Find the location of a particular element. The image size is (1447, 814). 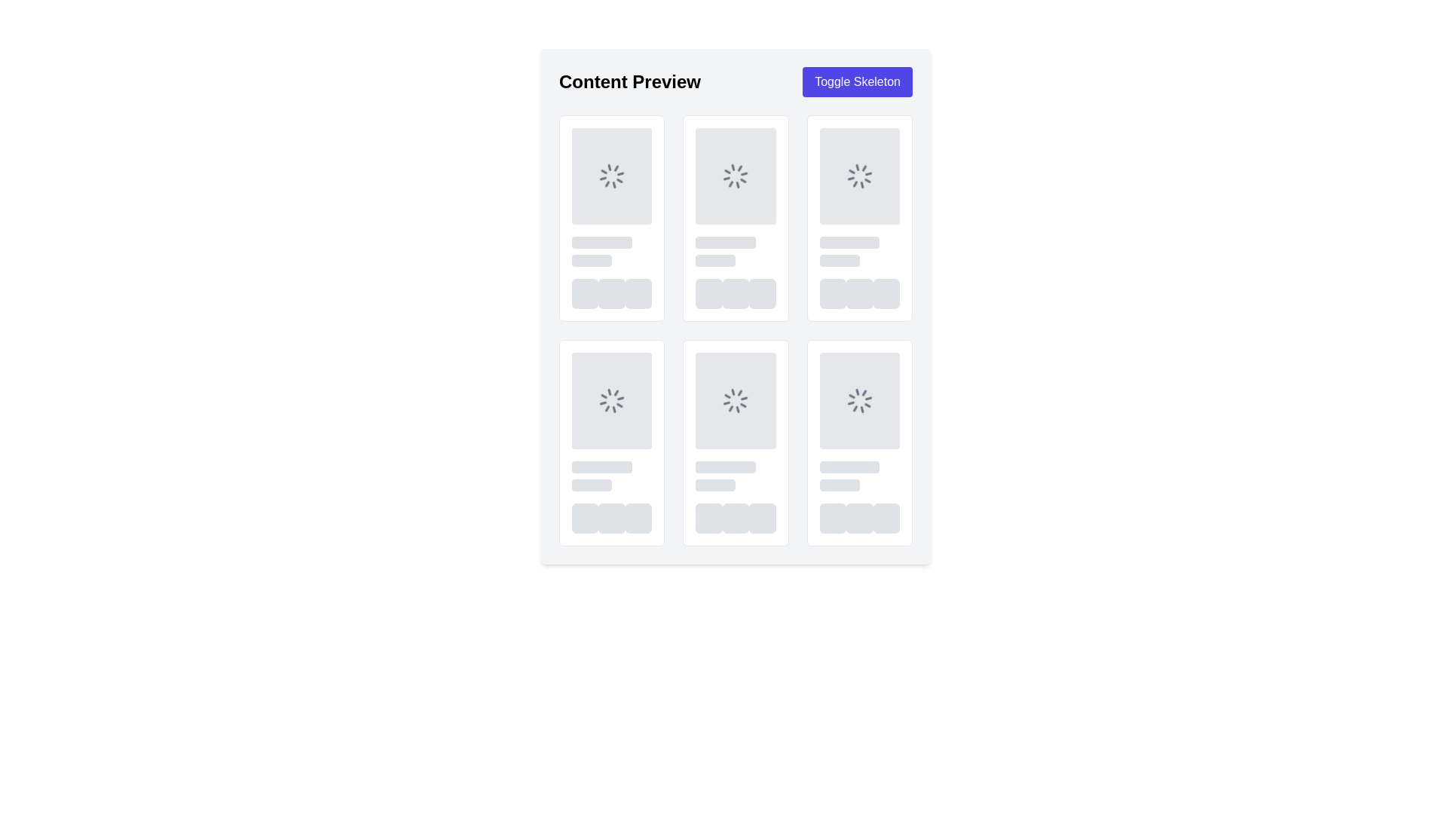

the first placeholder bar (loading skeleton component) located at the top-left section of the display in the multi-column grid structure is located at coordinates (601, 241).